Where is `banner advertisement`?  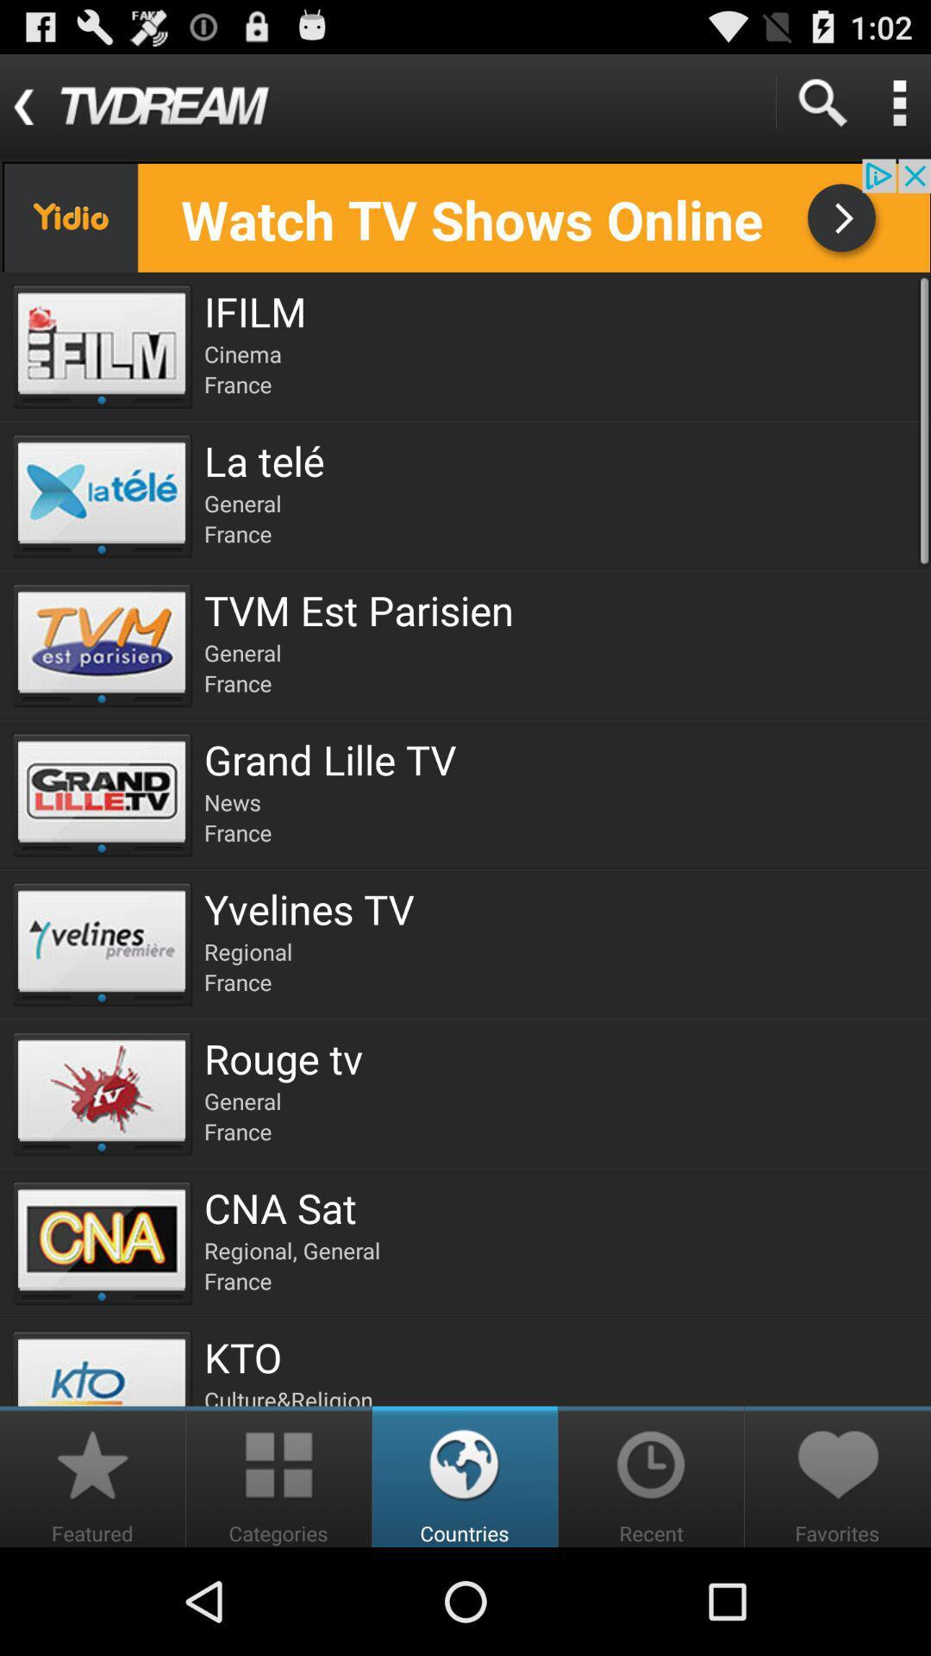
banner advertisement is located at coordinates (465, 215).